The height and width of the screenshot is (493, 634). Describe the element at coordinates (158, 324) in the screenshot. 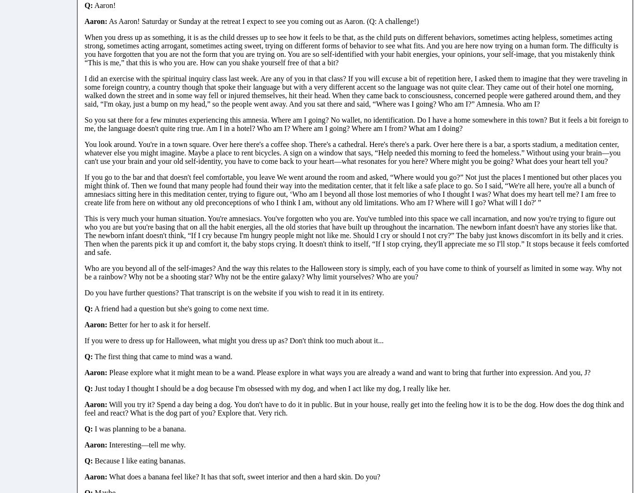

I see `'Better for her to ask it for herself.'` at that location.